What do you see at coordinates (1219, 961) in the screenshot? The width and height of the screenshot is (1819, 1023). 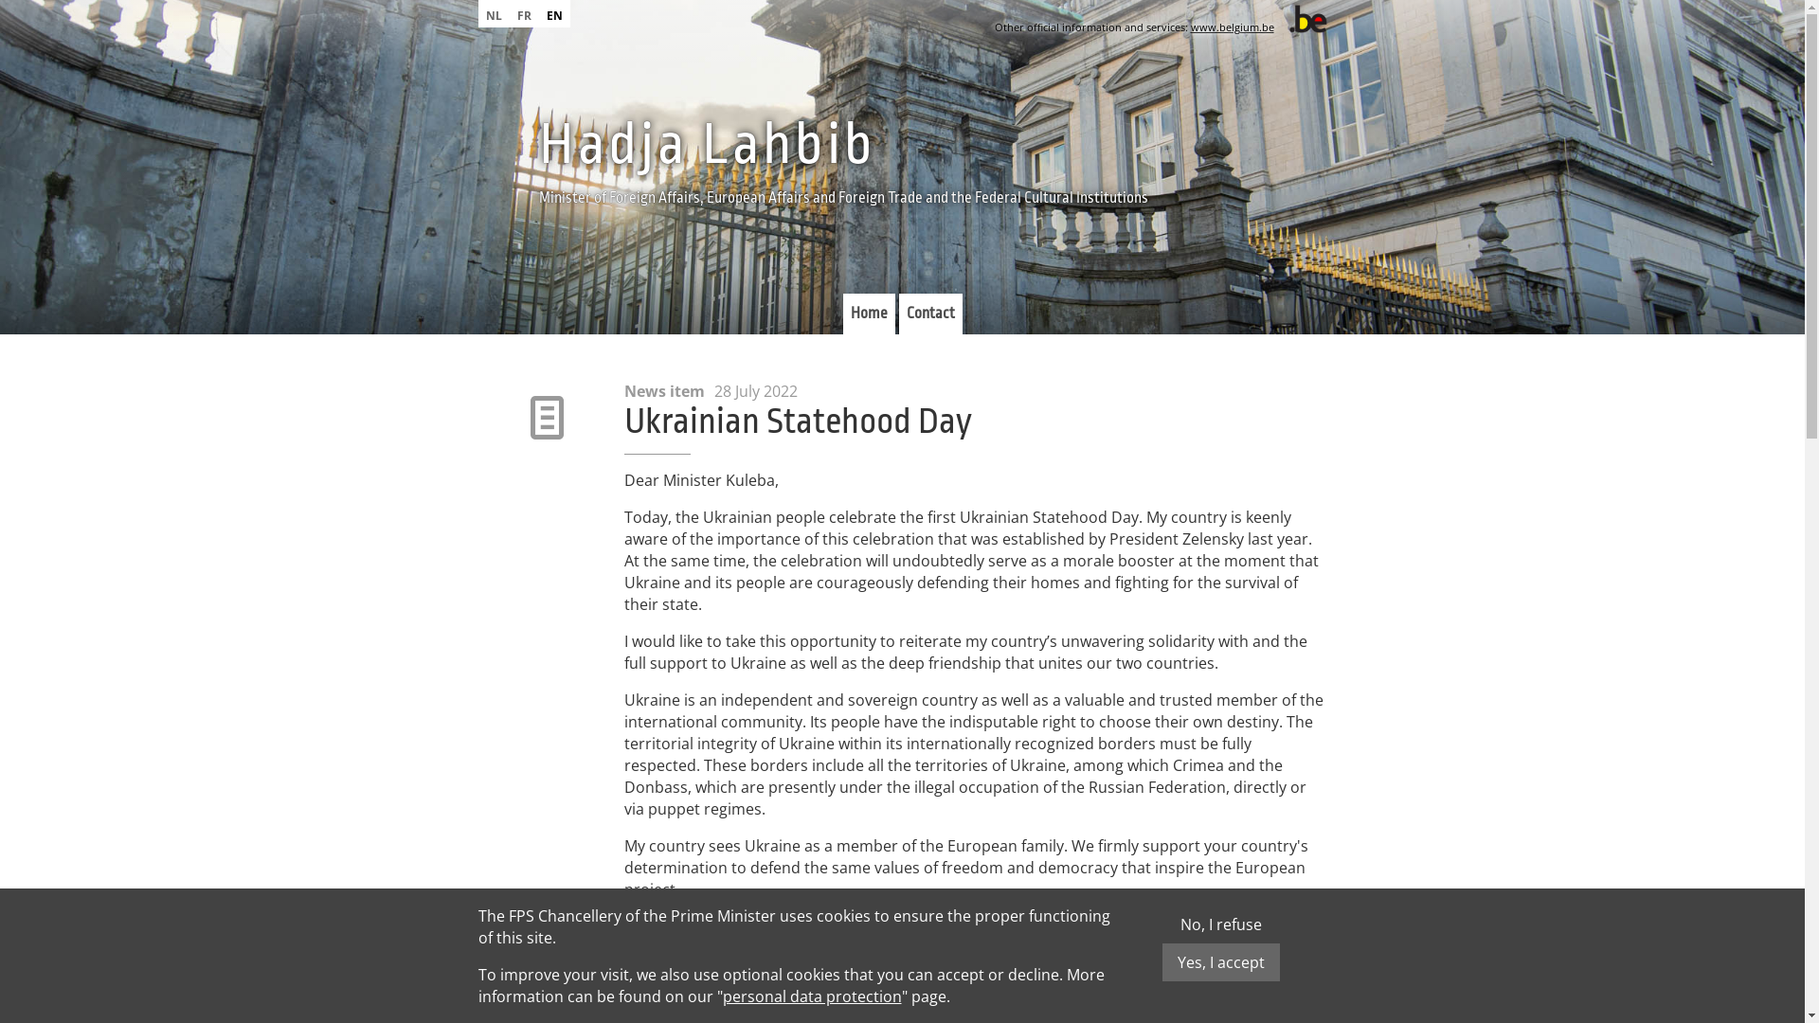 I see `'Yes, I accept'` at bounding box center [1219, 961].